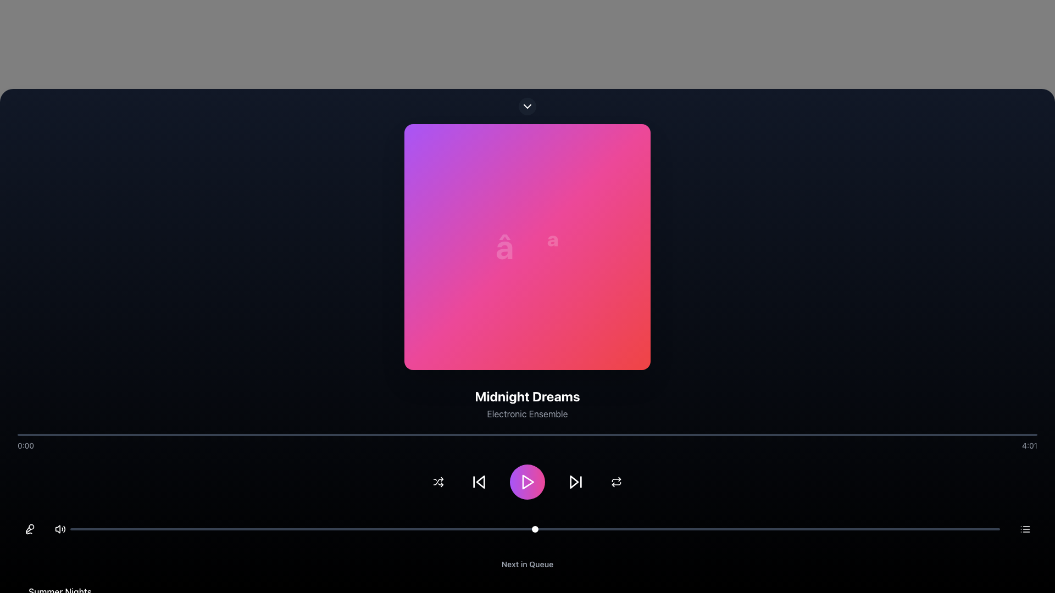  I want to click on time indicator displayed in the light gray text label showing '0:00' on the dark background, positioned at the far left of the horizontal bar, so click(26, 446).